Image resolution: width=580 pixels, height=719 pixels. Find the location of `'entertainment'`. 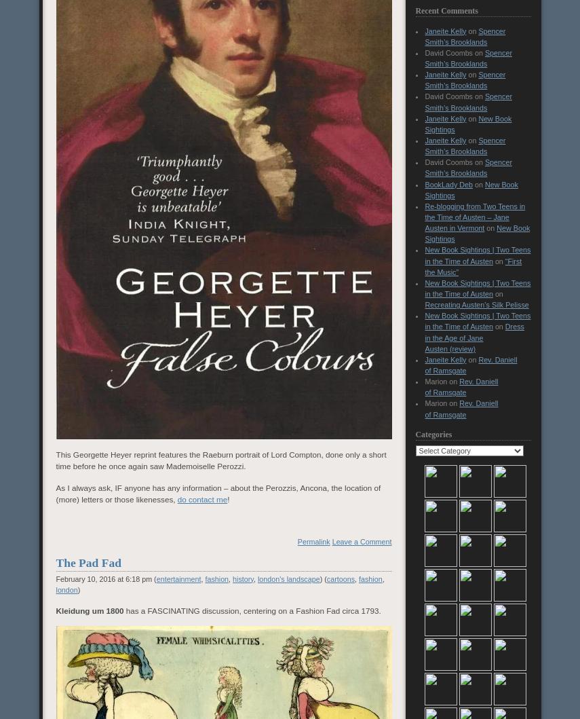

'entertainment' is located at coordinates (177, 578).